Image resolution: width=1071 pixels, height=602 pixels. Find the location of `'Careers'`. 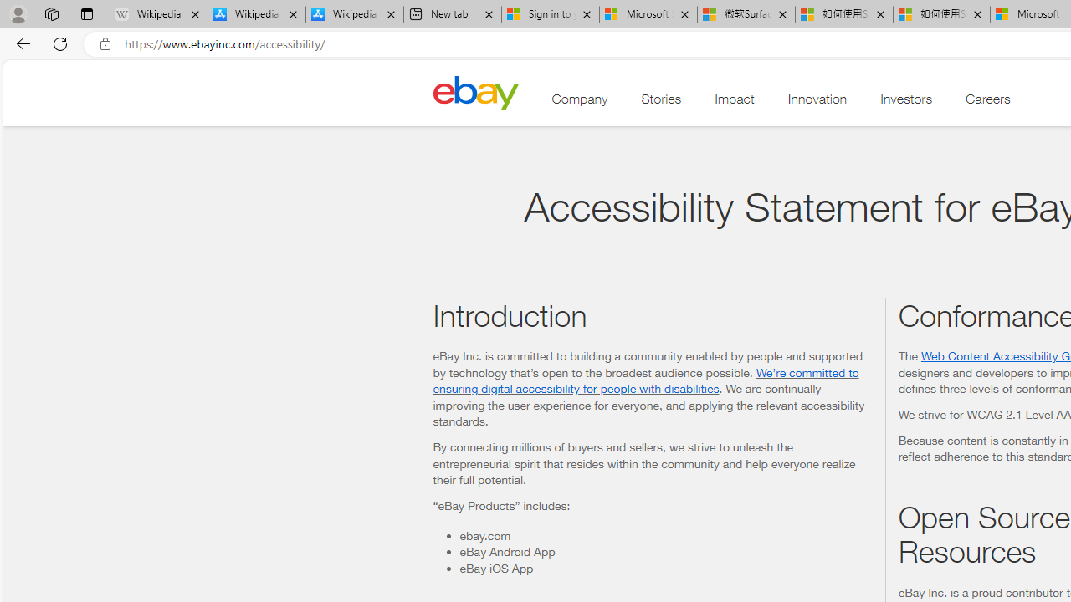

'Careers' is located at coordinates (988, 103).